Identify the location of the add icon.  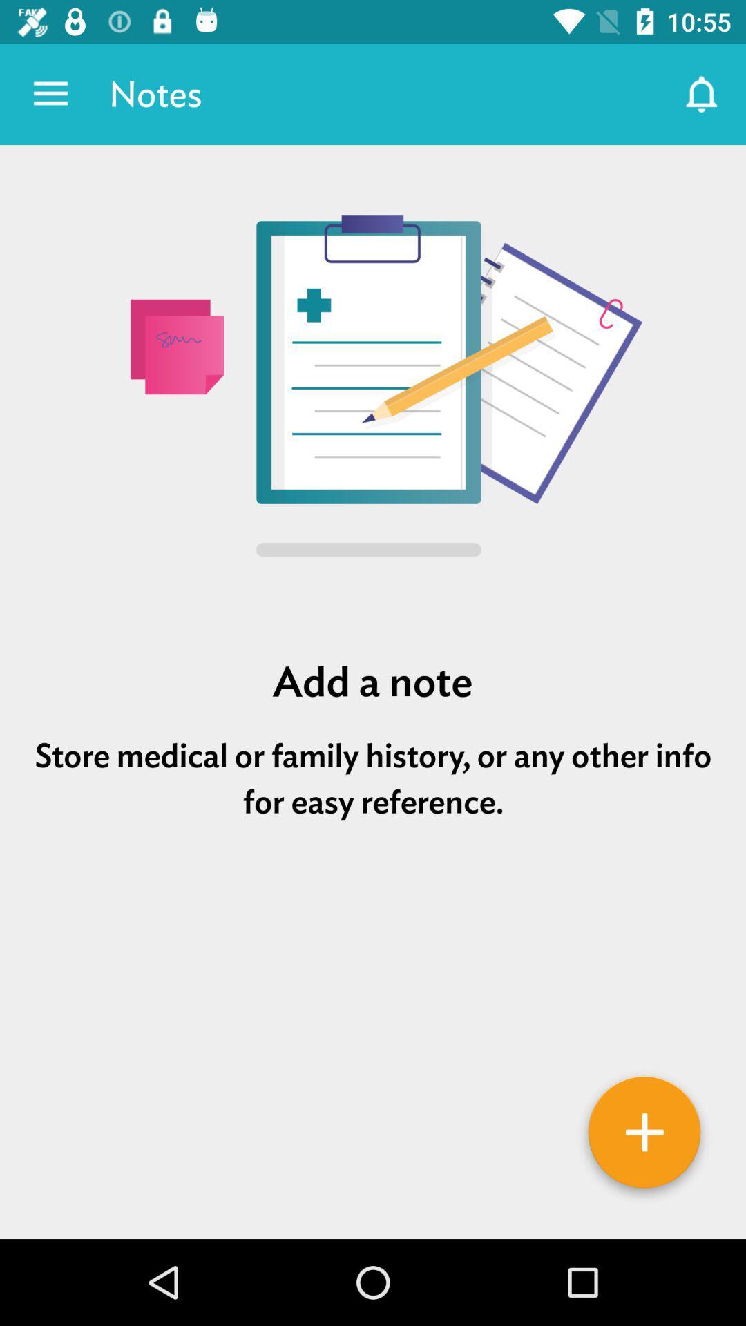
(644, 1137).